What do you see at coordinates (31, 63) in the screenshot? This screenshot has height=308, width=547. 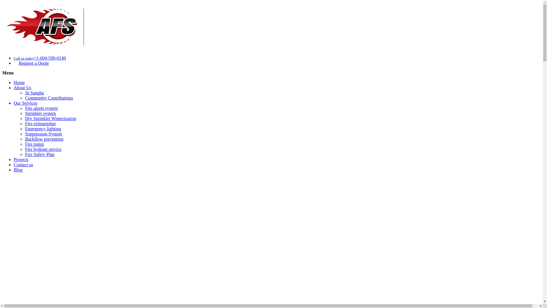 I see `'Request a Quote'` at bounding box center [31, 63].